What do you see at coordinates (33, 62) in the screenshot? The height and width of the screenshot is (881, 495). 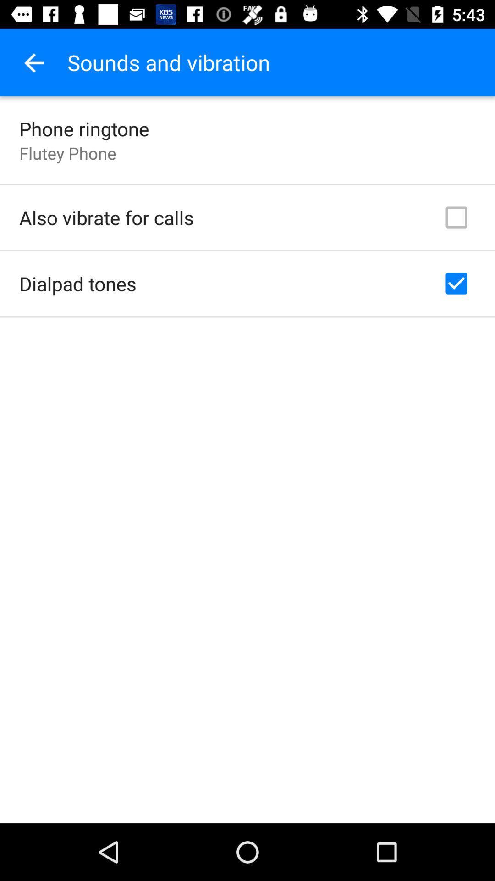 I see `the icon to the left of the sounds and vibration icon` at bounding box center [33, 62].